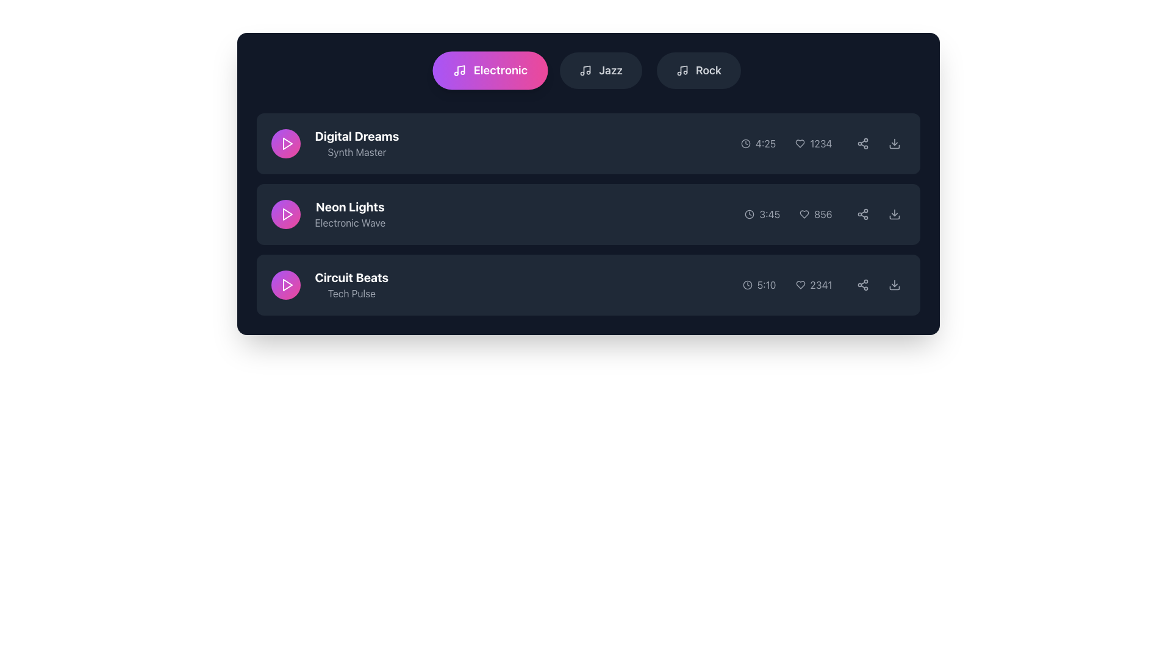 The height and width of the screenshot is (658, 1171). What do you see at coordinates (765, 143) in the screenshot?
I see `the Text label displaying '4:25' in low-contrast gray color, aligned with a clock icon to its left, located in the first row of the list within the 'Electronic' section` at bounding box center [765, 143].